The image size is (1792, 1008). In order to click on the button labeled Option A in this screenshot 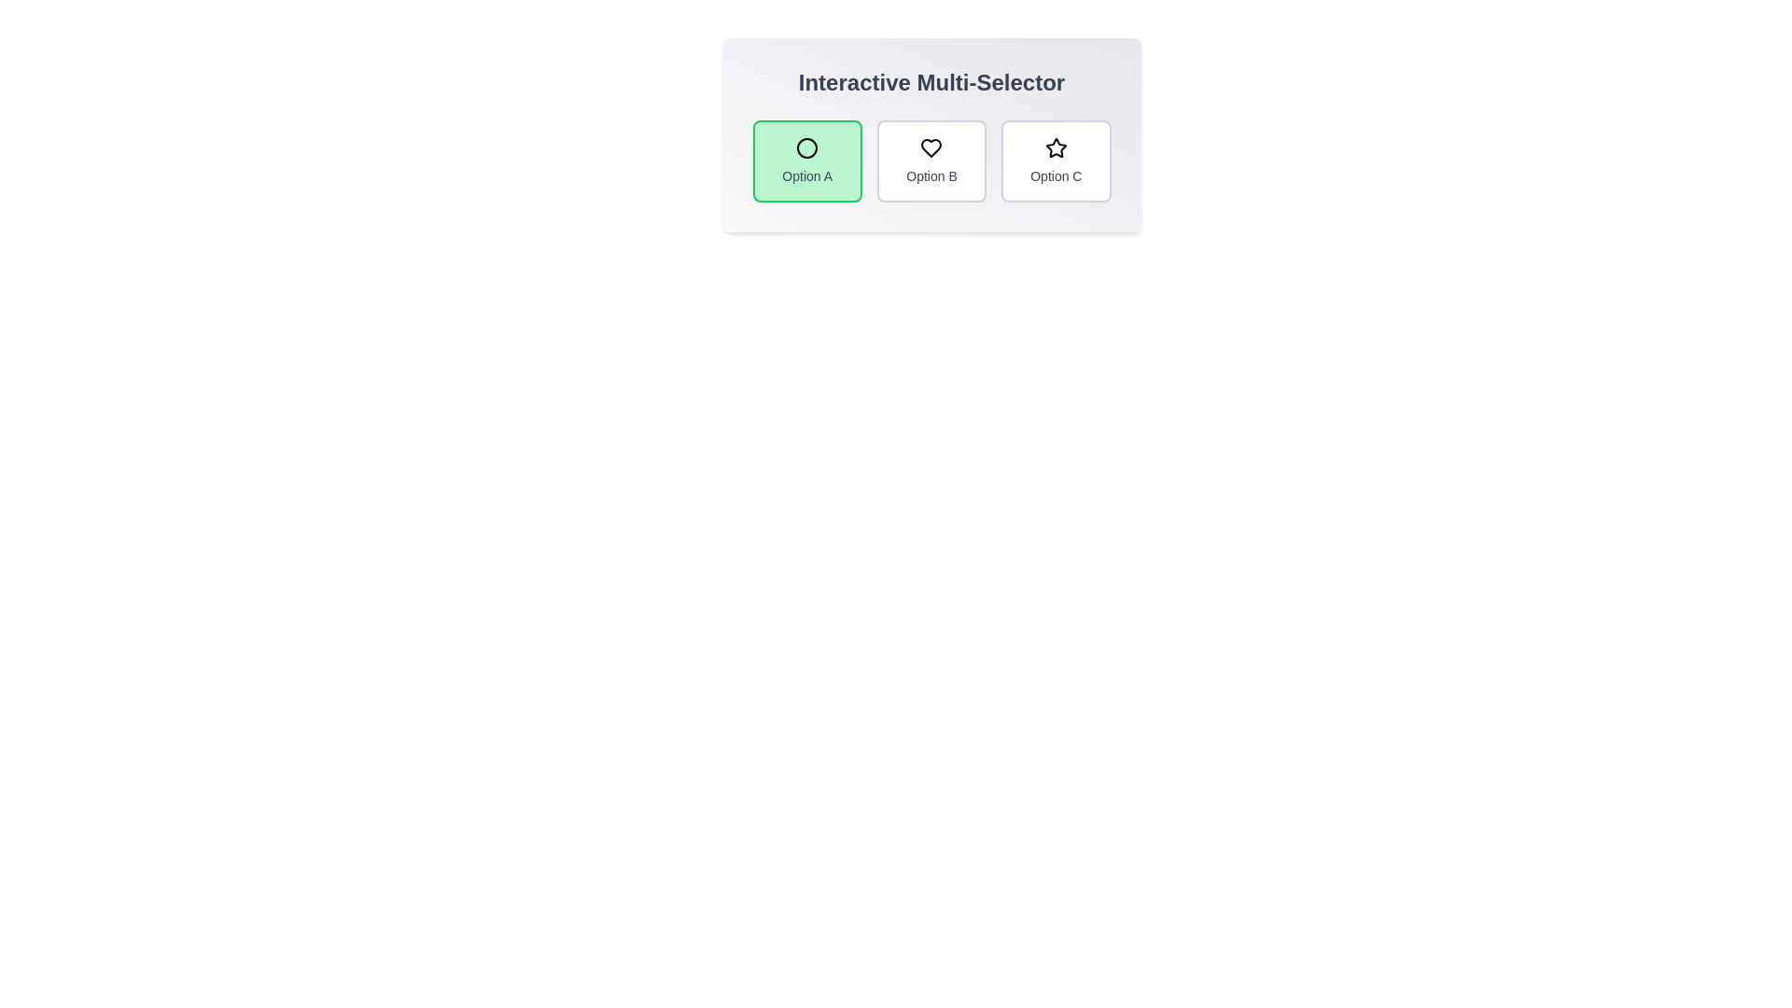, I will do `click(806, 161)`.